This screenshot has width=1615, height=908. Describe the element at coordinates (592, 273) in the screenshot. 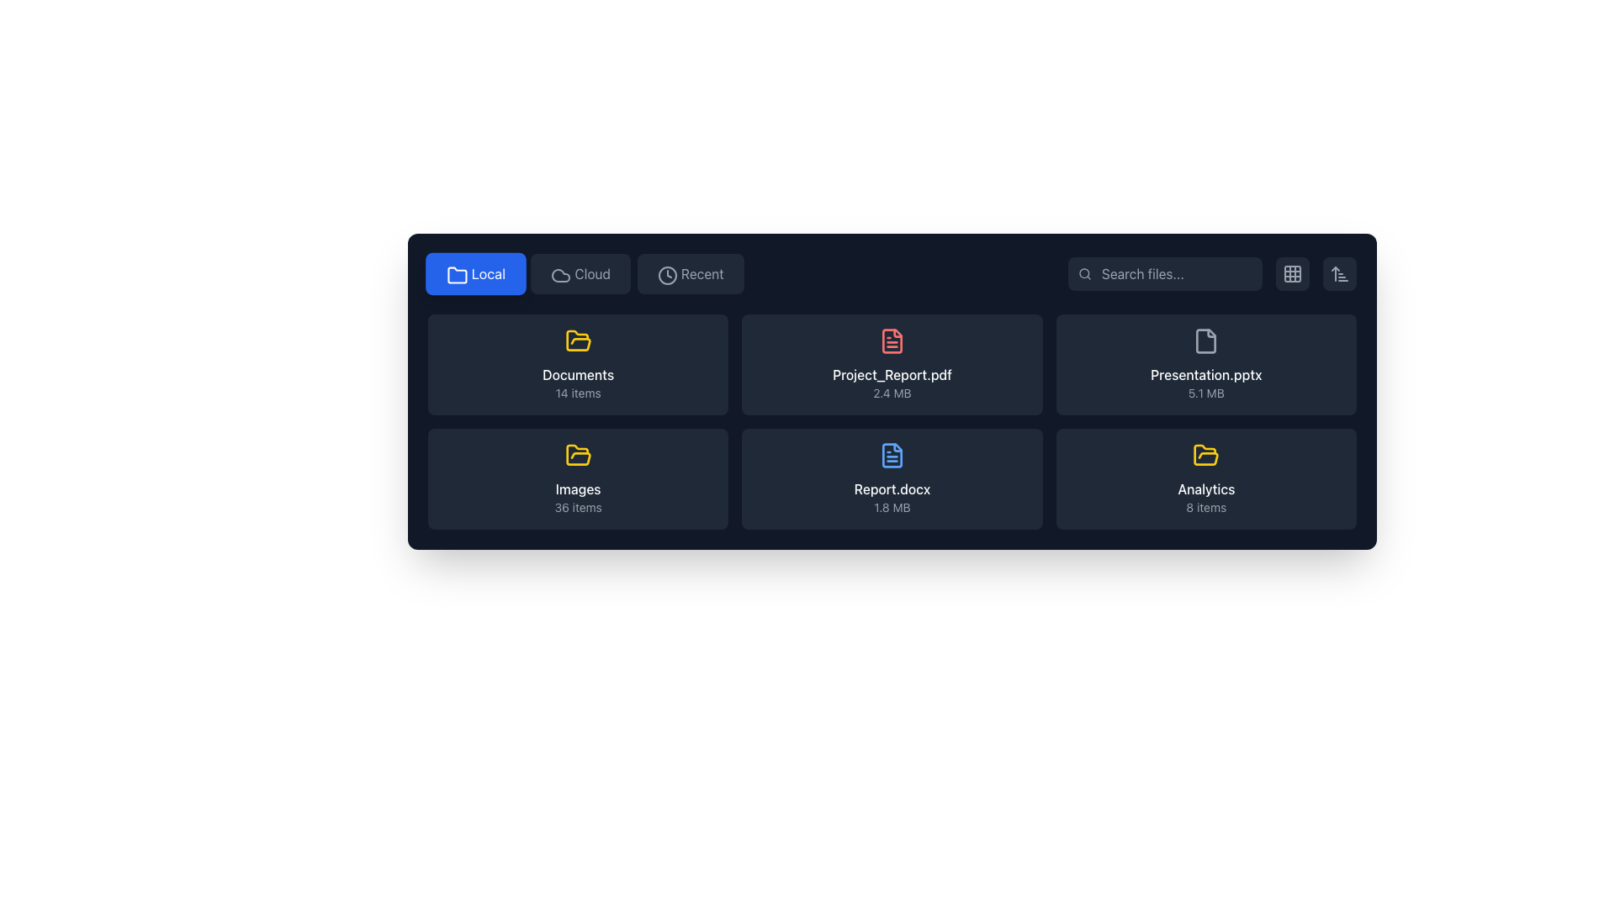

I see `the button labeled 'Cloud' which is visually represented by the text 'Cloud' in light gray on a dark background, positioned between the 'Local' and 'Recent' buttons` at that location.